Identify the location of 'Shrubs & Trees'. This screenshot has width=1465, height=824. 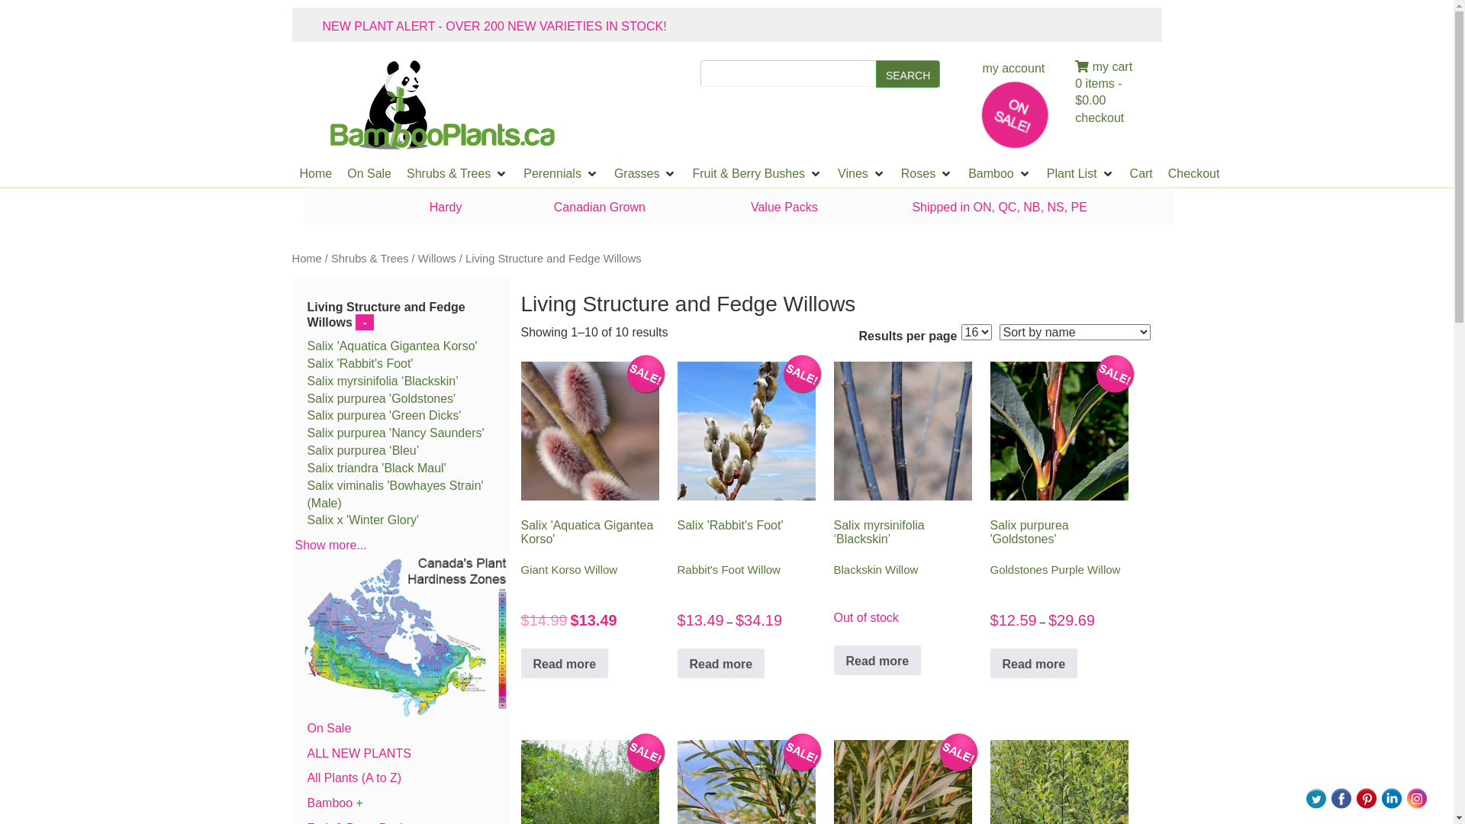
(369, 258).